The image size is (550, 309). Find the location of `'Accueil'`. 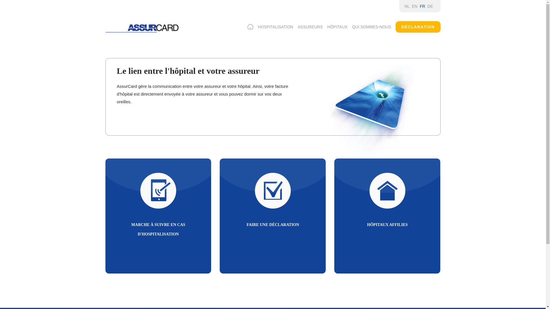

'Accueil' is located at coordinates (142, 28).